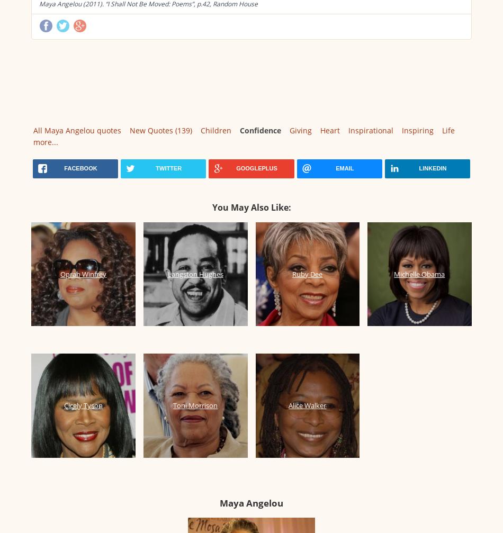 This screenshot has width=503, height=533. What do you see at coordinates (417, 130) in the screenshot?
I see `'Inspiring'` at bounding box center [417, 130].